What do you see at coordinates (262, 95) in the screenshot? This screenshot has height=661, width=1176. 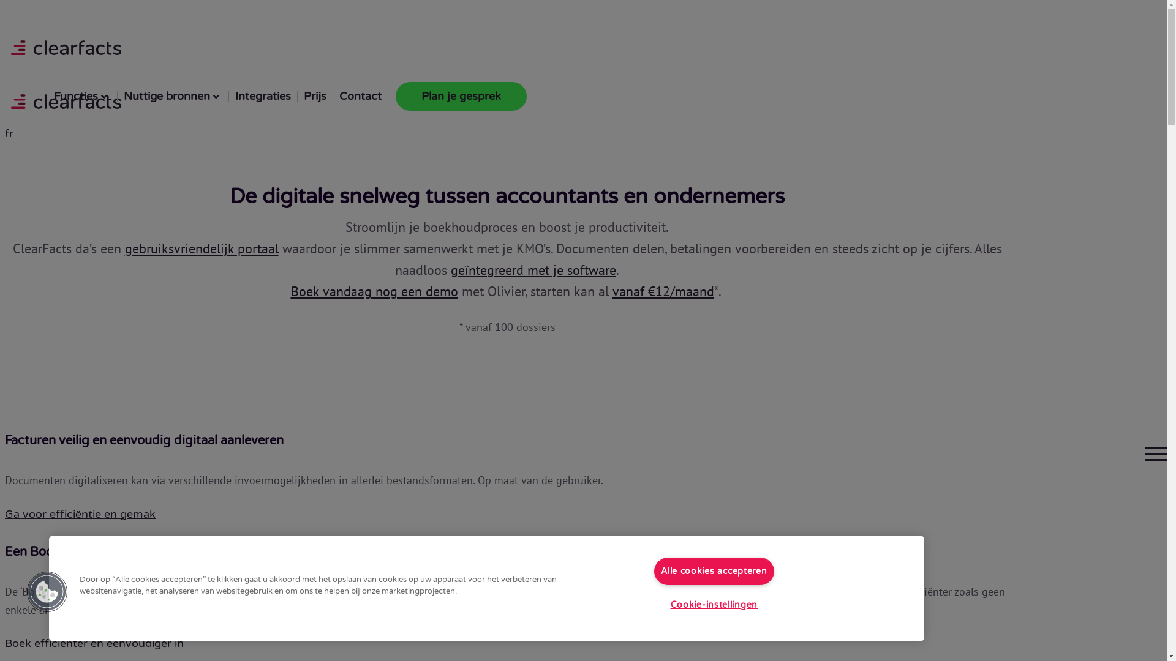 I see `'Integraties'` at bounding box center [262, 95].